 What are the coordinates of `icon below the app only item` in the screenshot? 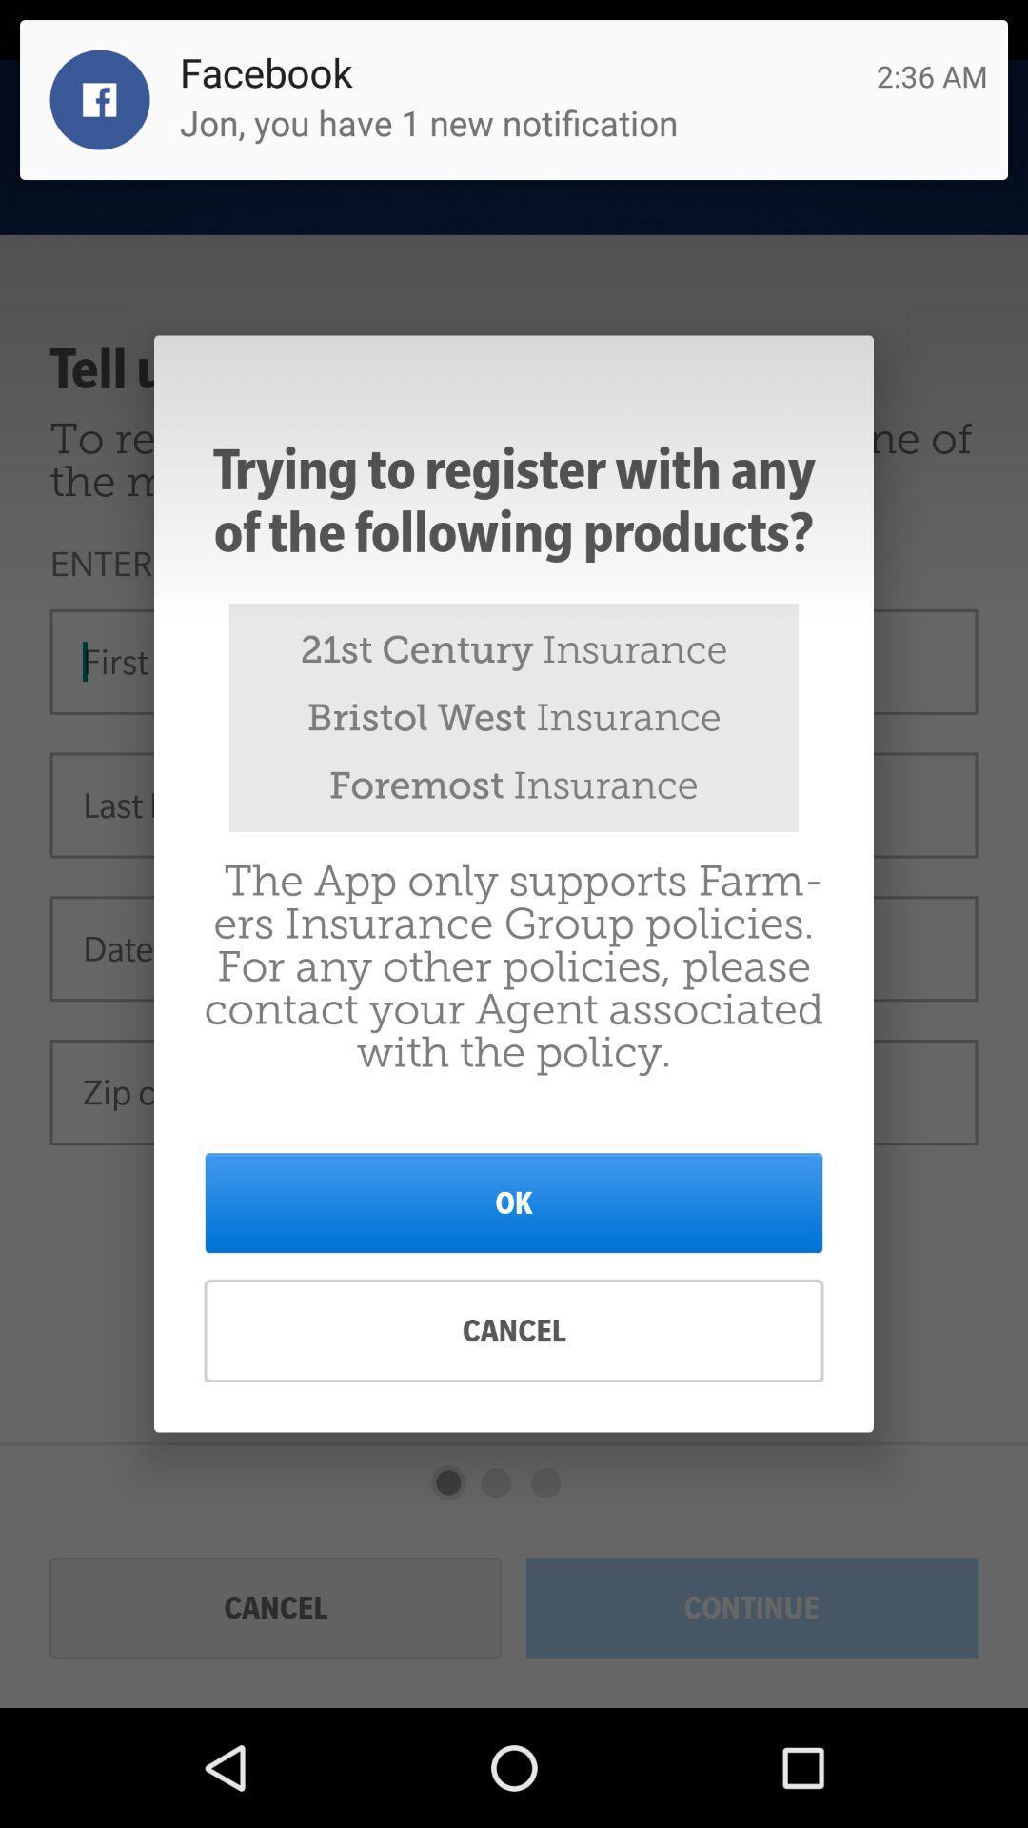 It's located at (514, 1202).